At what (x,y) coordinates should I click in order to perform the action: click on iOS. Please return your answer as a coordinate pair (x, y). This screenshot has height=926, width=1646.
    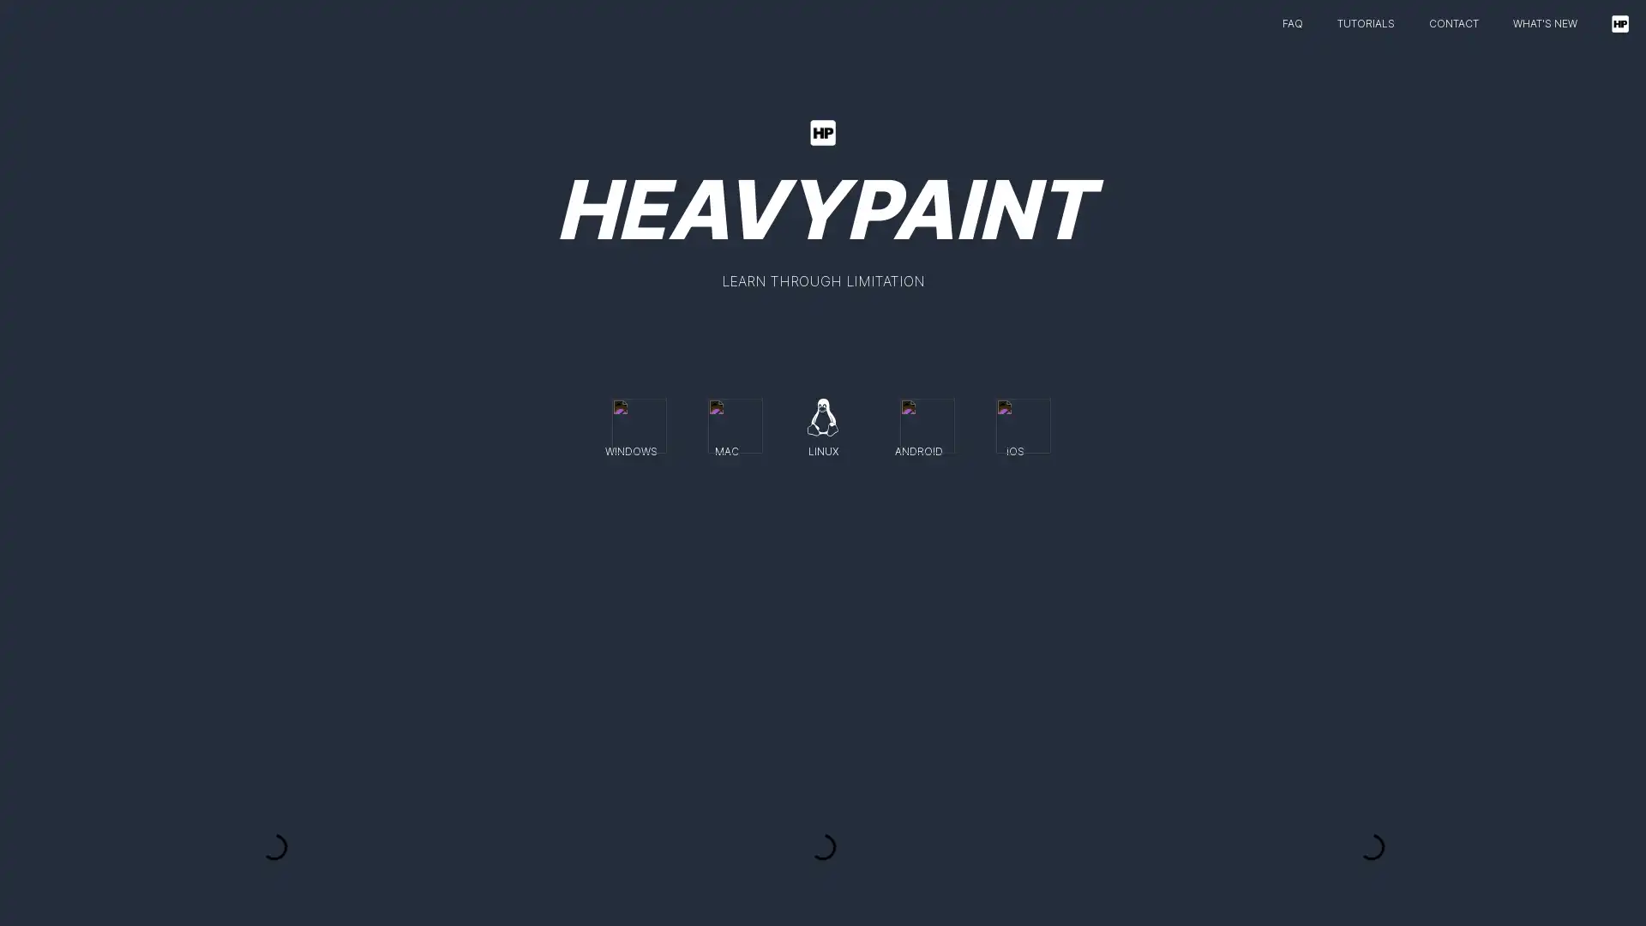
    Looking at the image, I should click on (1015, 423).